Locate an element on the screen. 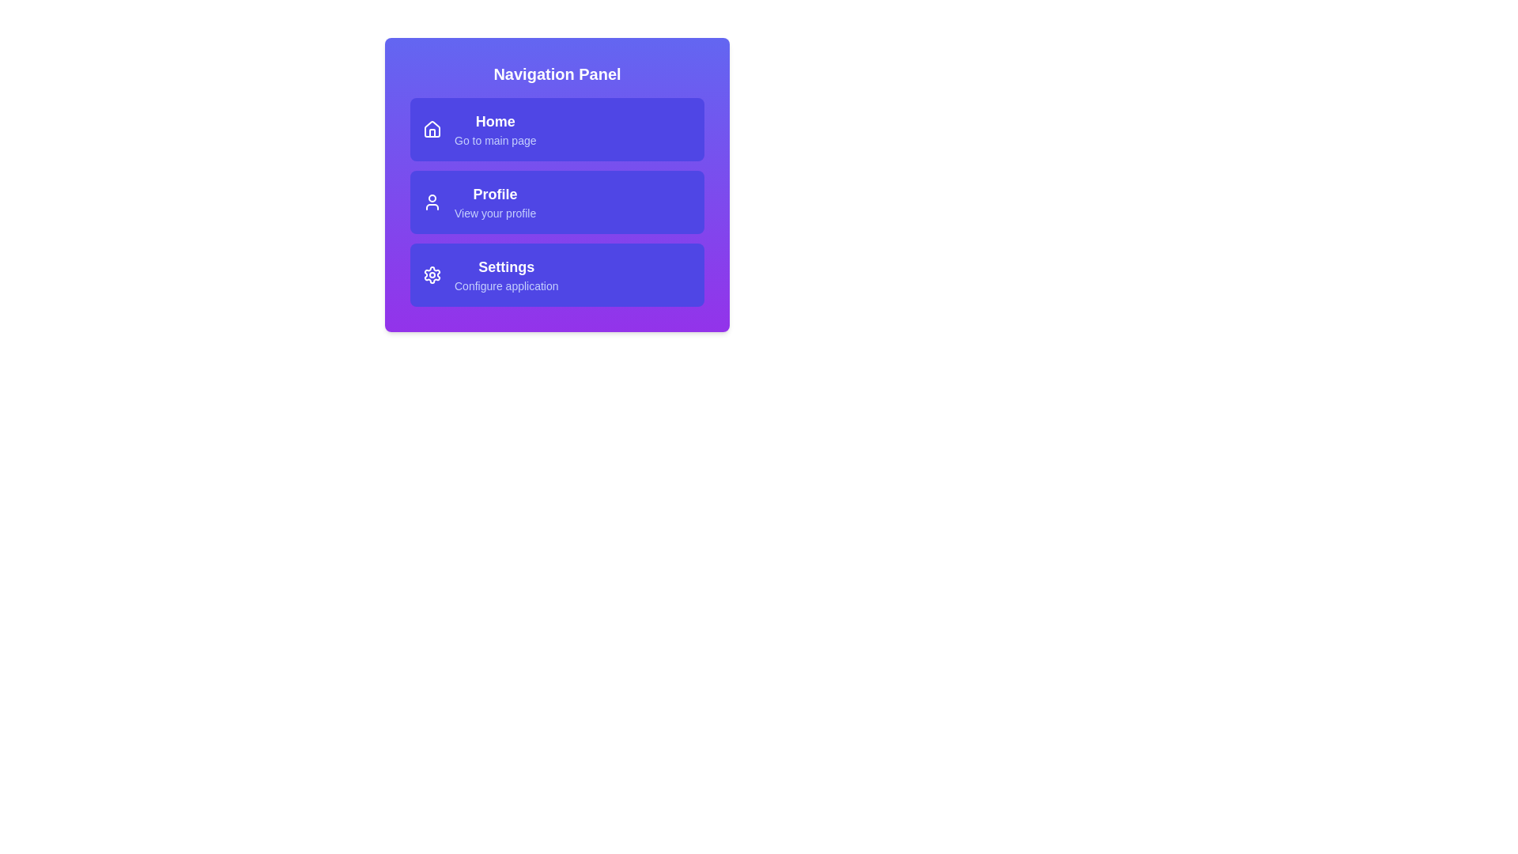 The width and height of the screenshot is (1518, 854). the 'Home' navigation item is located at coordinates (557, 129).